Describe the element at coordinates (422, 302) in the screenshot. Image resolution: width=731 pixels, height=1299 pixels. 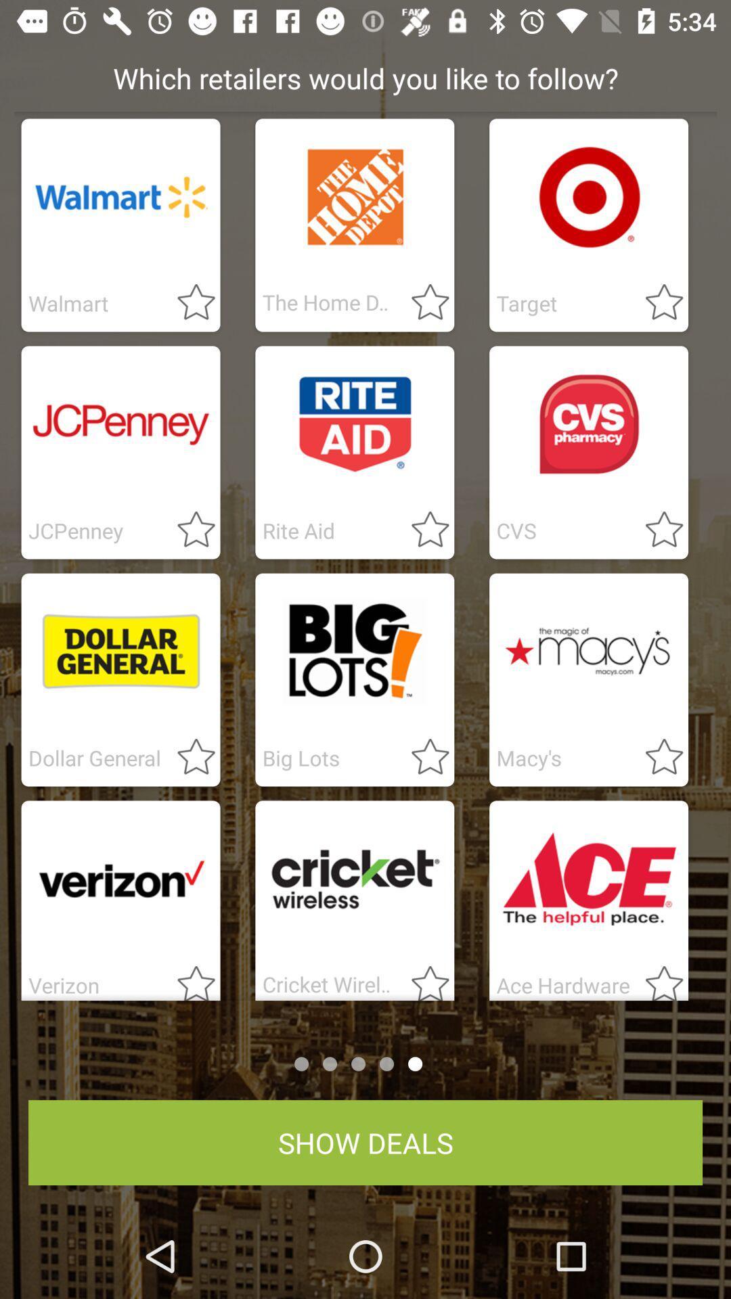
I see `as favourite` at that location.